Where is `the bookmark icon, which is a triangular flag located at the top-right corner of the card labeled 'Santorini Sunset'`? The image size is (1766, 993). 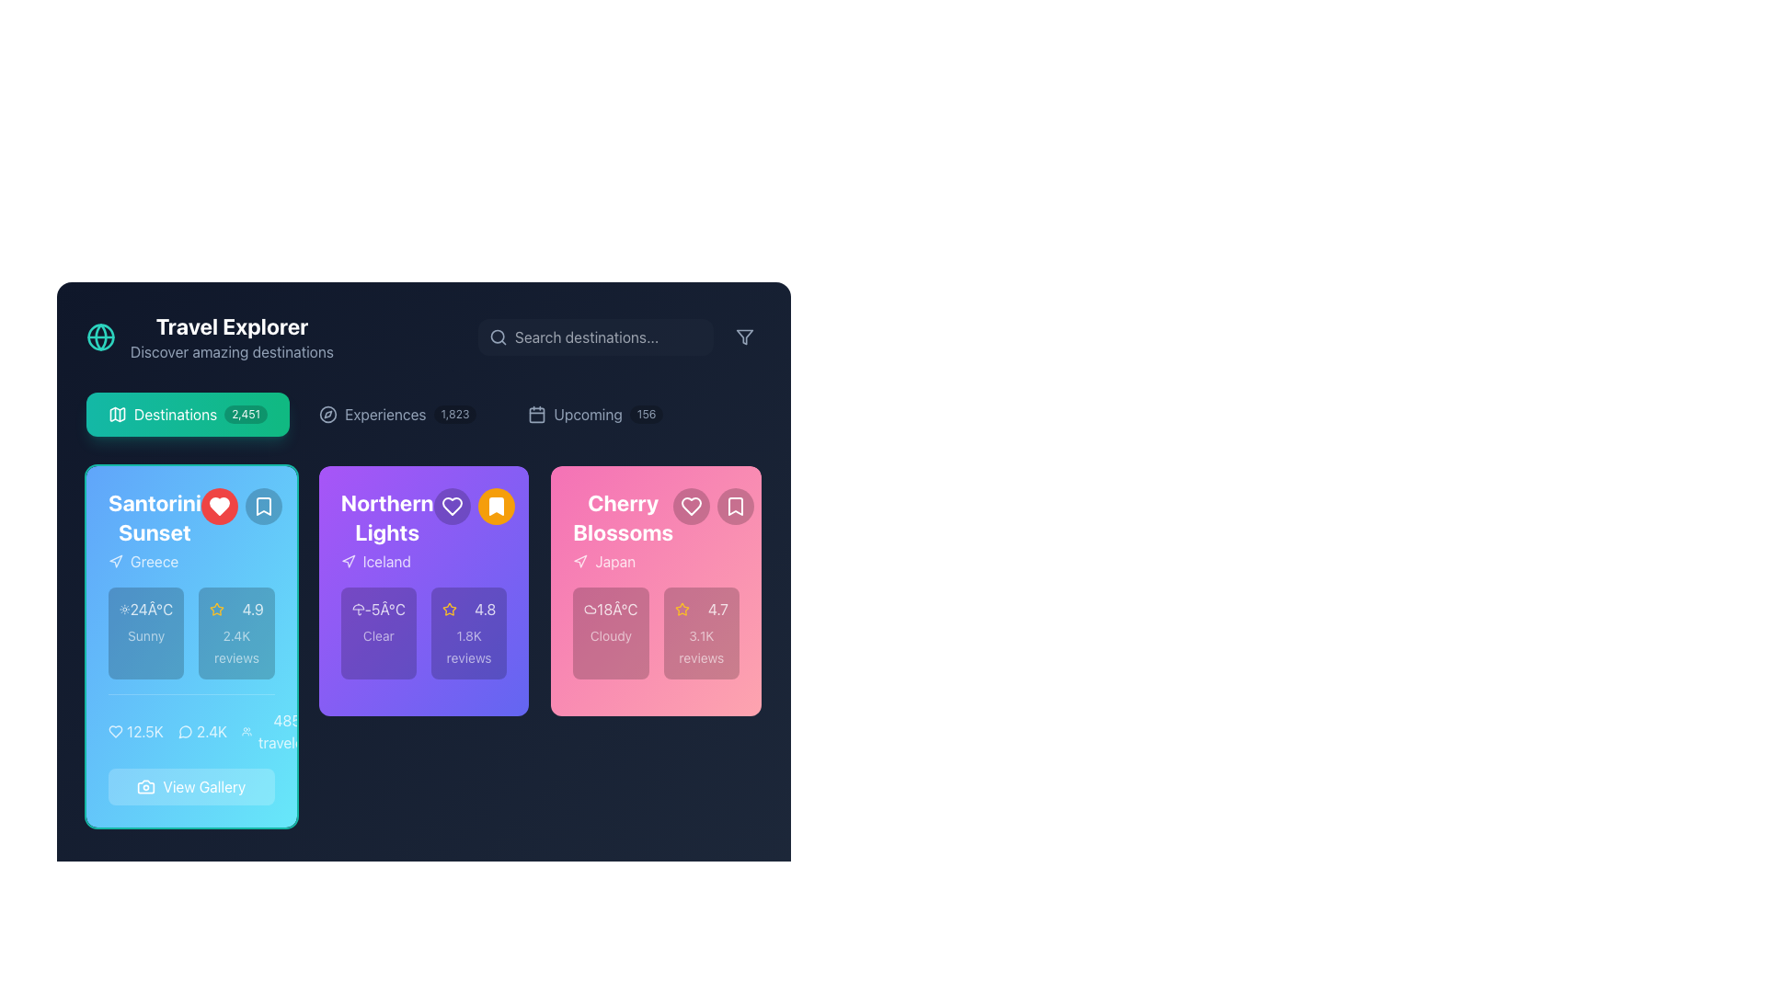 the bookmark icon, which is a triangular flag located at the top-right corner of the card labeled 'Santorini Sunset' is located at coordinates (262, 507).